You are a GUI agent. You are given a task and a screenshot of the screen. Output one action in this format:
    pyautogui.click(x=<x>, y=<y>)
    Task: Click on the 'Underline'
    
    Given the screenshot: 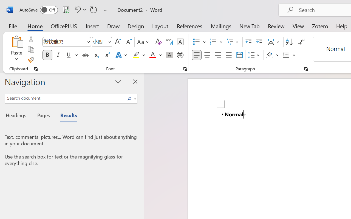 What is the action you would take?
    pyautogui.click(x=68, y=55)
    